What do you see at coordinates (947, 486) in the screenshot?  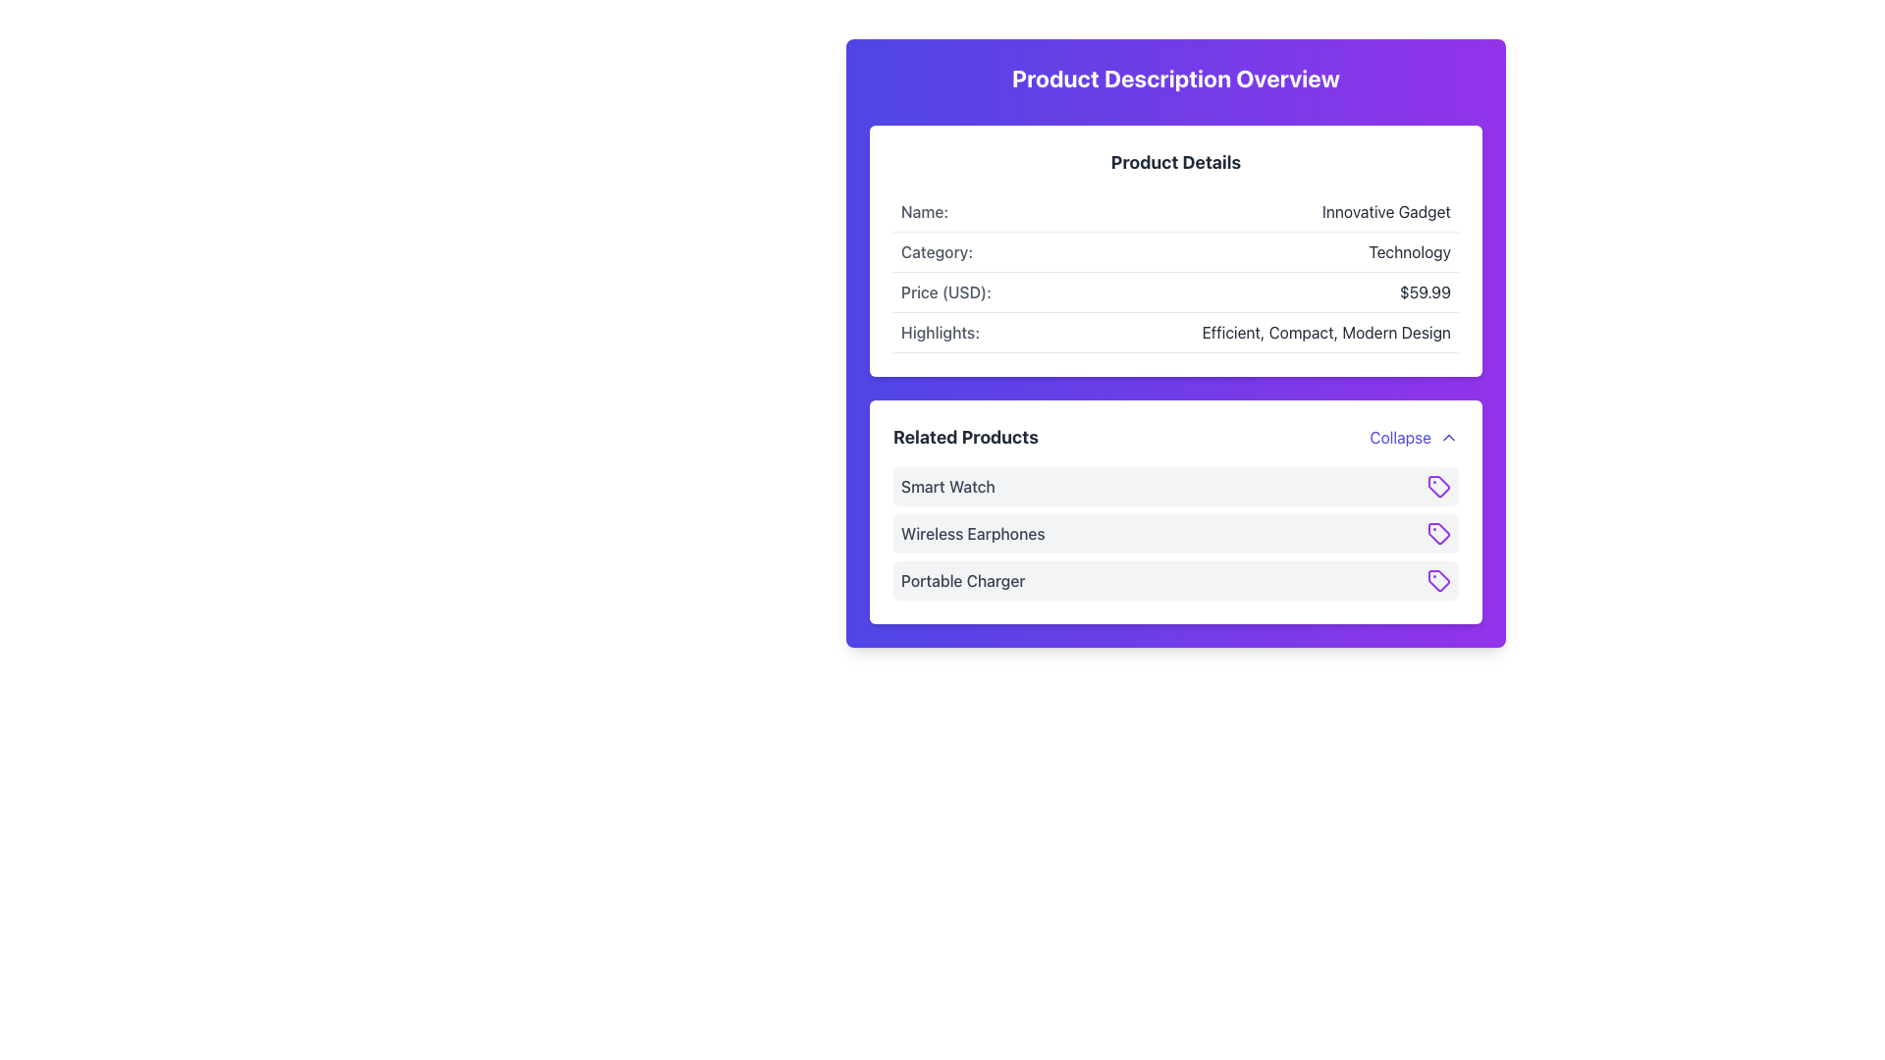 I see `the static text element that indicates the name of the related product 'Smart Watch', located at the top left of the 'Related Products' section` at bounding box center [947, 486].